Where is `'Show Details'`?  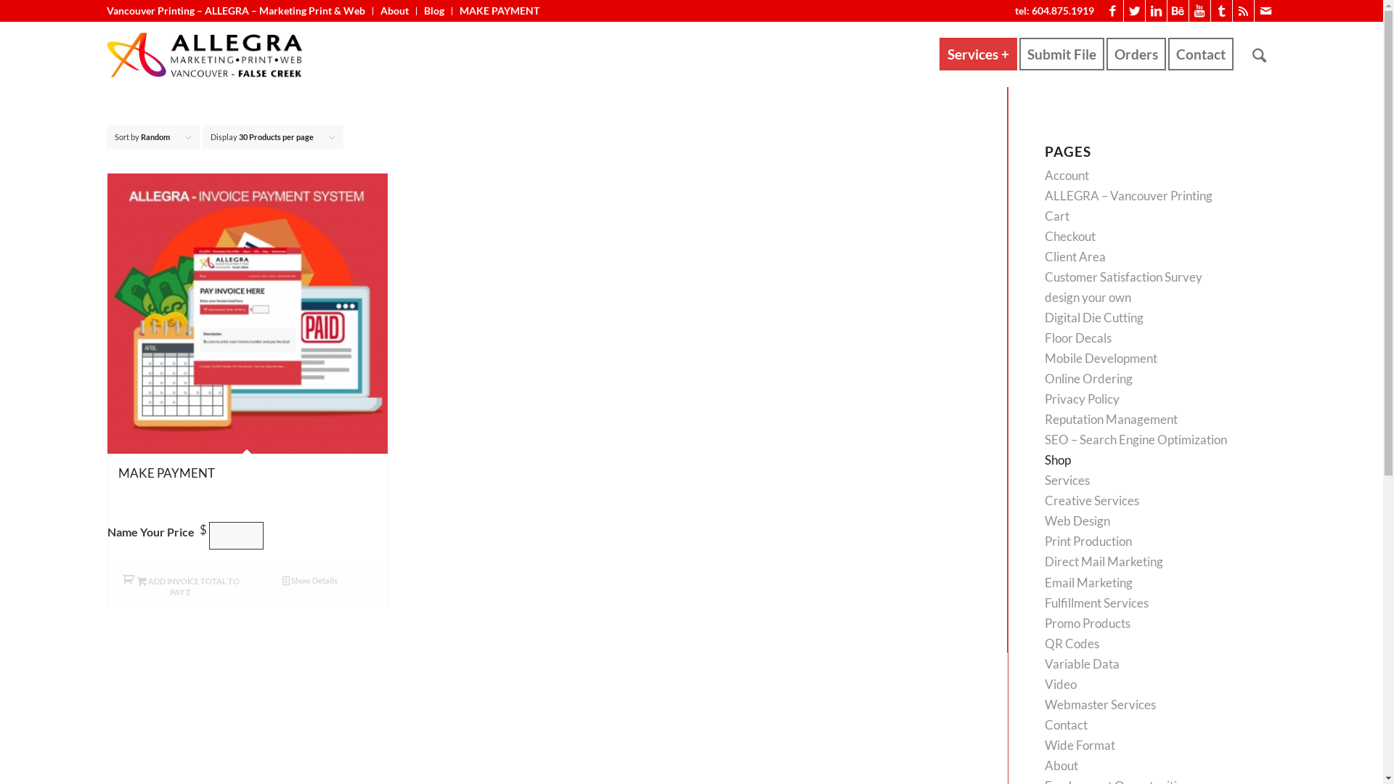
'Show Details' is located at coordinates (309, 579).